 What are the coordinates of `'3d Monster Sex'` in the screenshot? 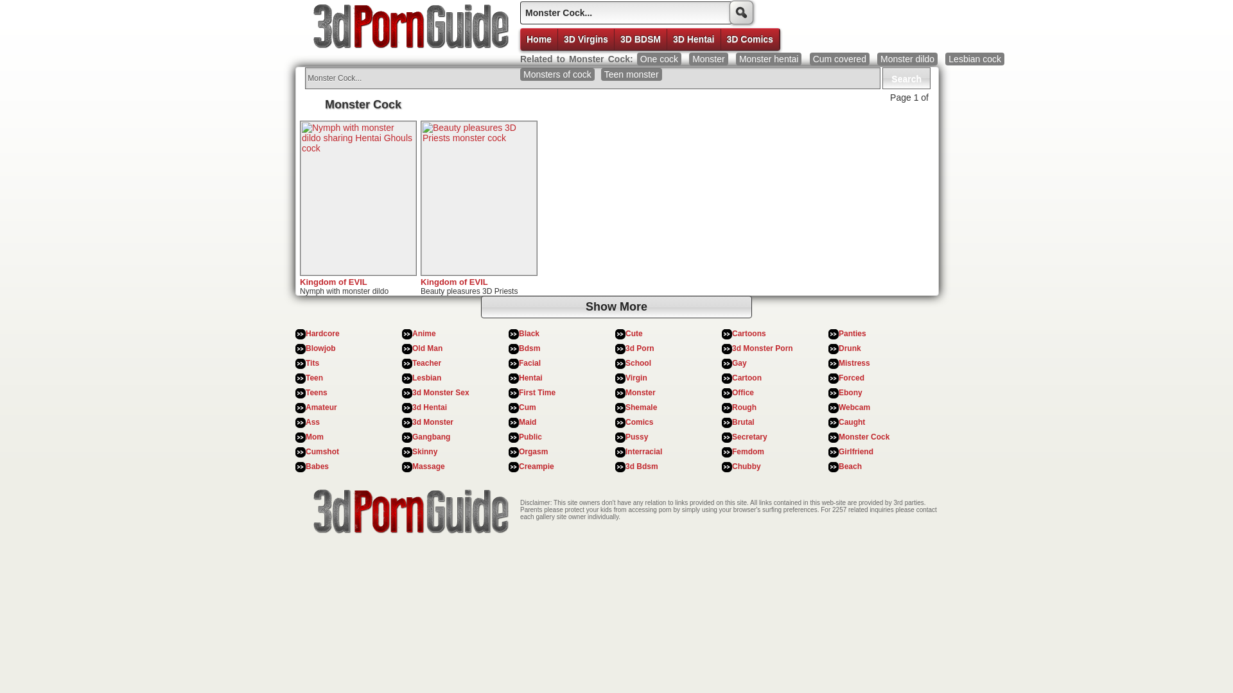 It's located at (441, 392).